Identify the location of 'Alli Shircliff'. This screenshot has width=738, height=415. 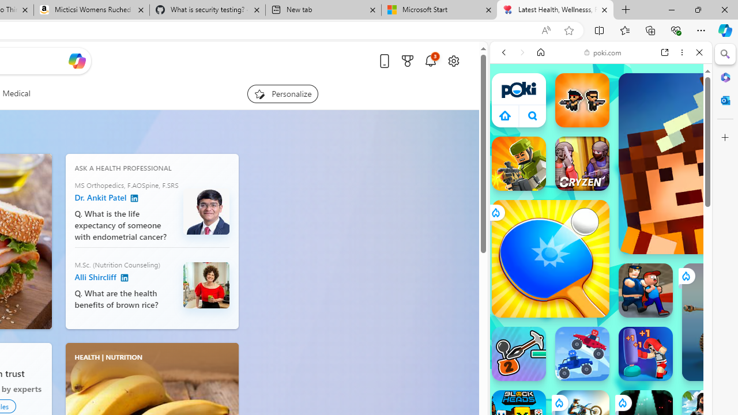
(124, 278).